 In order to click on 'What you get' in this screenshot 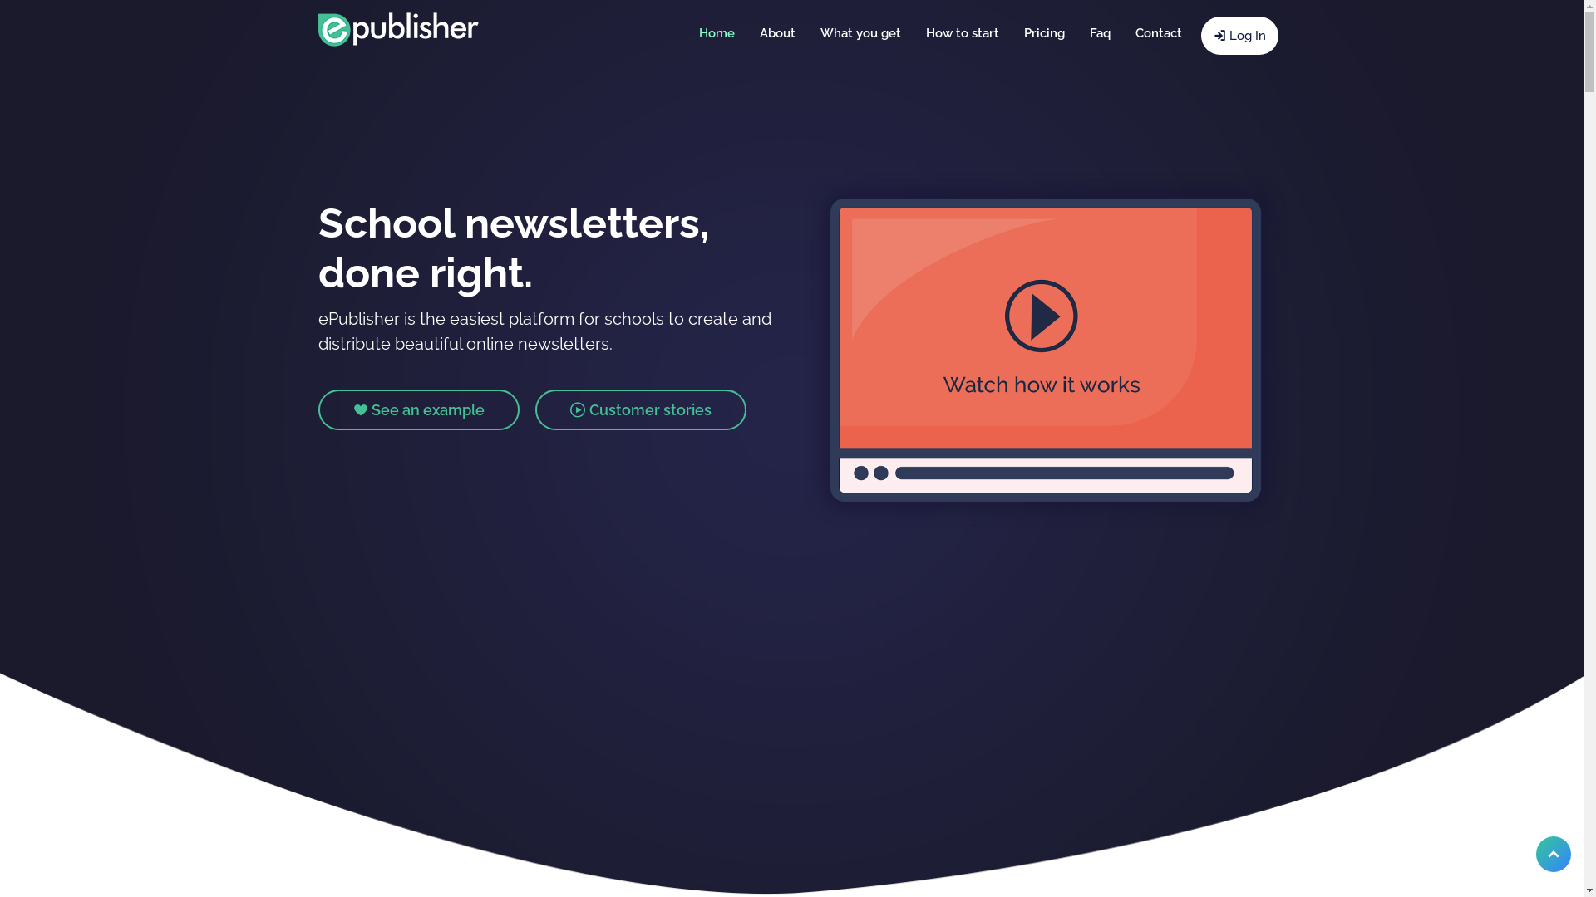, I will do `click(860, 32)`.